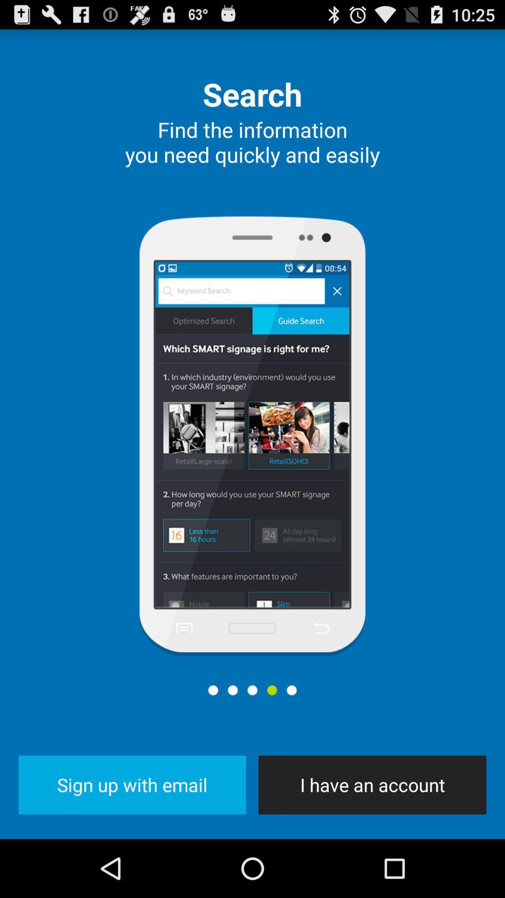 The image size is (505, 898). What do you see at coordinates (372, 785) in the screenshot?
I see `the i have an` at bounding box center [372, 785].